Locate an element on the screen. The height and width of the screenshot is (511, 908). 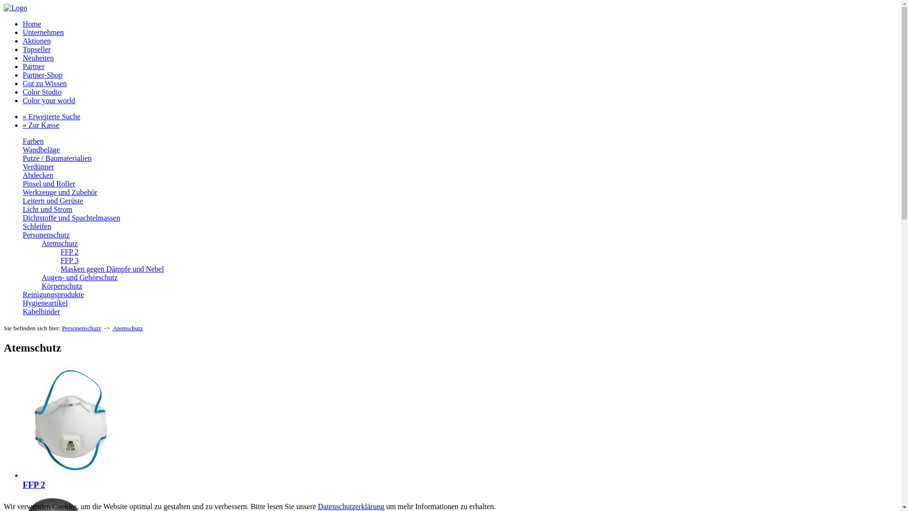
'Pinsel und Roller' is located at coordinates (48, 184).